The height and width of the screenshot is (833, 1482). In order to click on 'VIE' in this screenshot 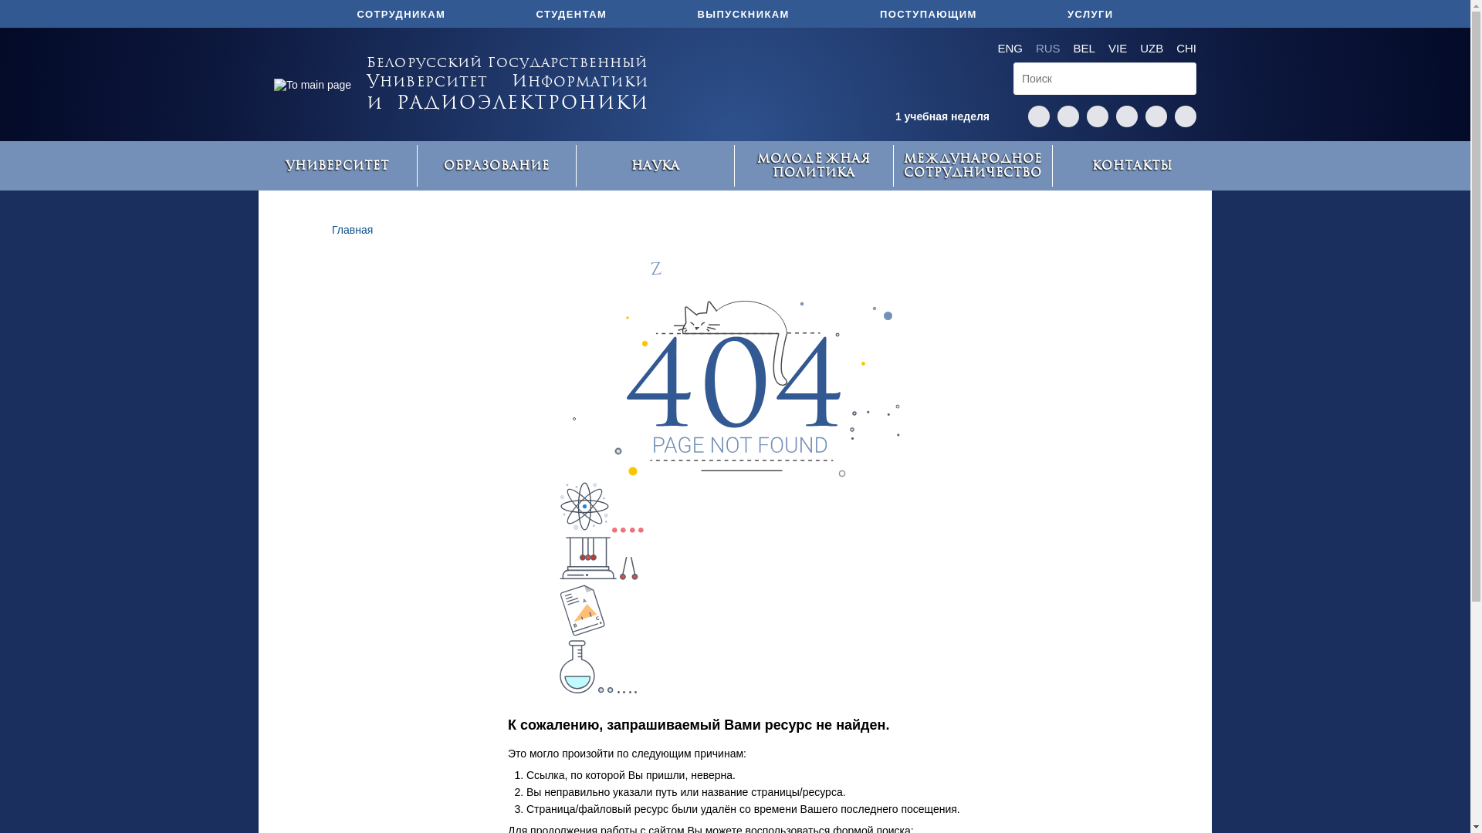, I will do `click(1118, 47)`.